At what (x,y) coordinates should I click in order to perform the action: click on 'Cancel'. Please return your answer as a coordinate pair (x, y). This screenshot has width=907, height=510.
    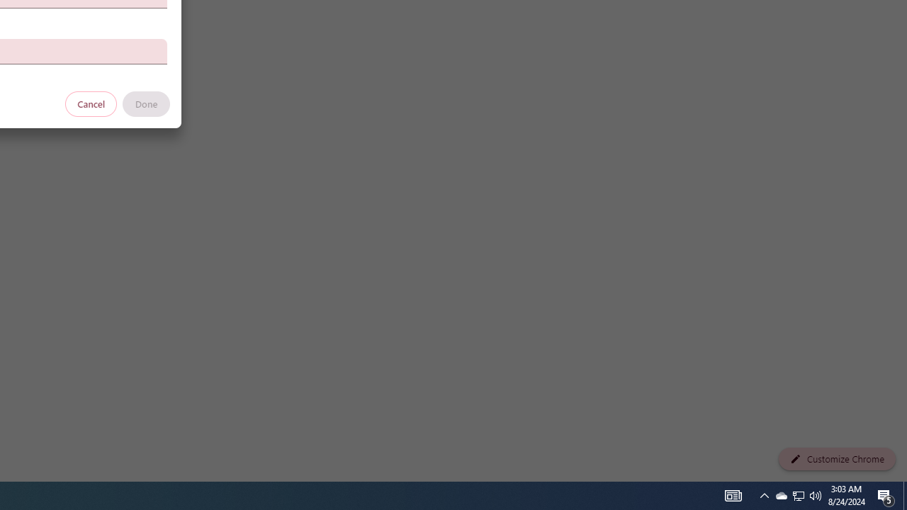
    Looking at the image, I should click on (91, 103).